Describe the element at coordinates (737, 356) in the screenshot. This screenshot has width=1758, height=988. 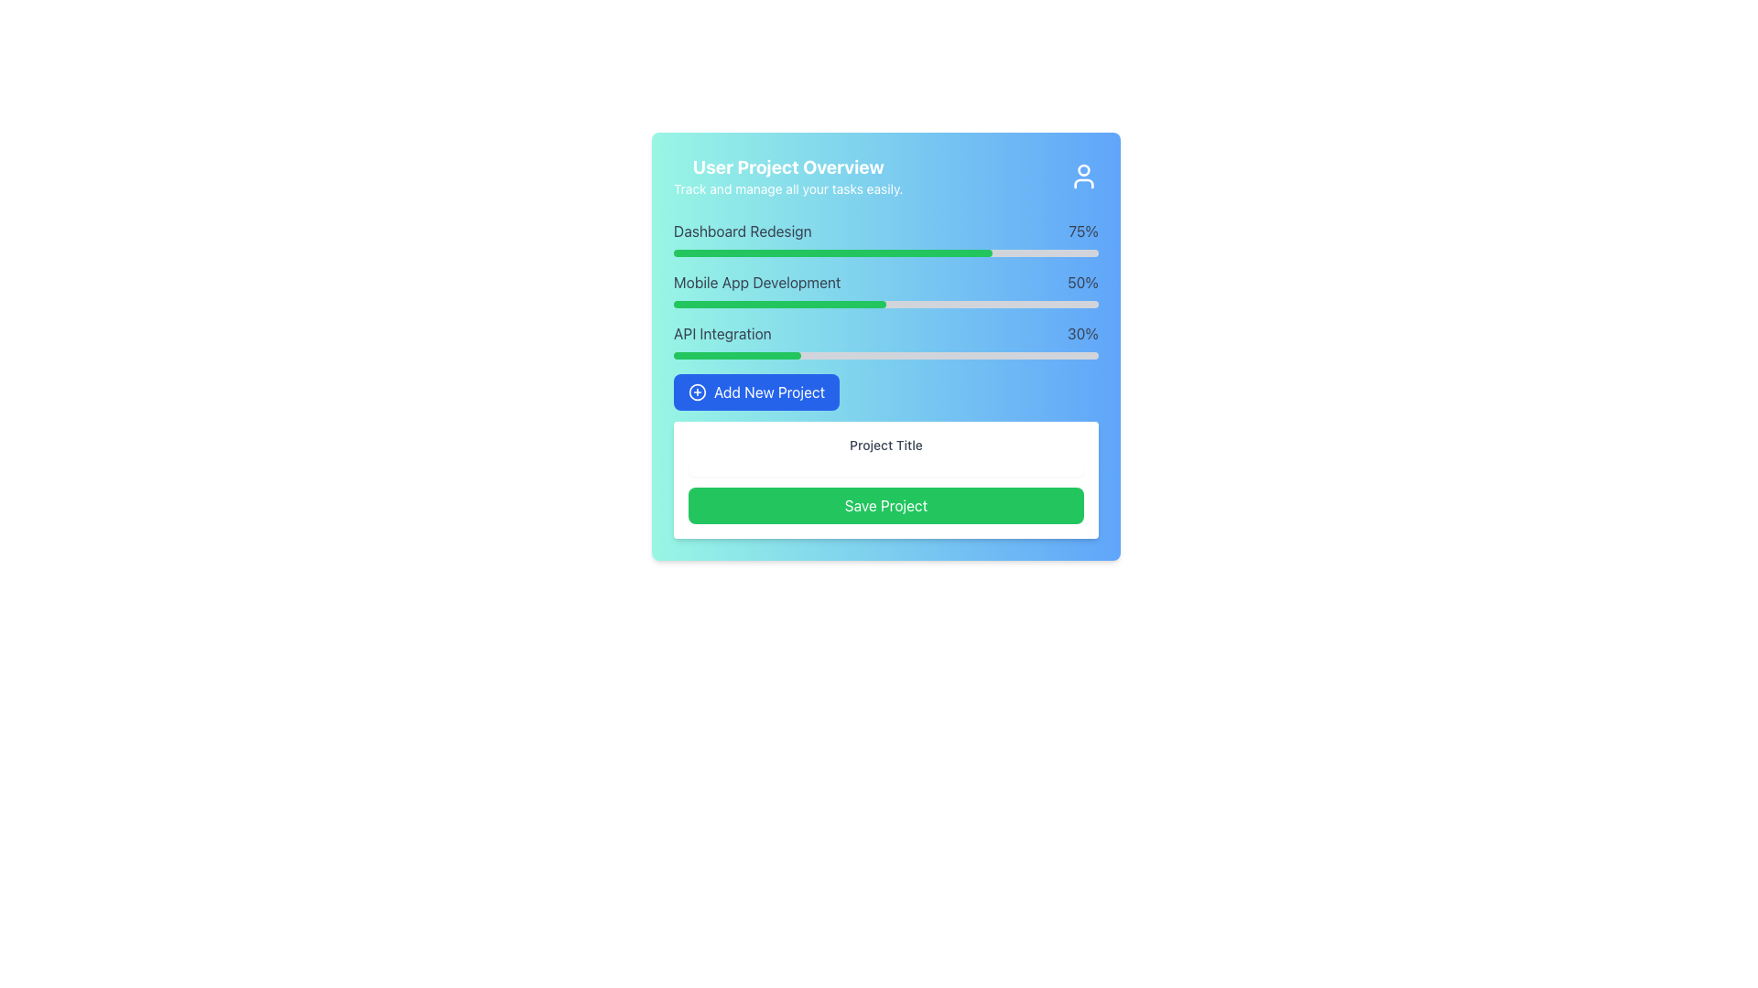
I see `the green progress bar segment that visually represents 30% completion beneath the 'API Integration' text` at that location.